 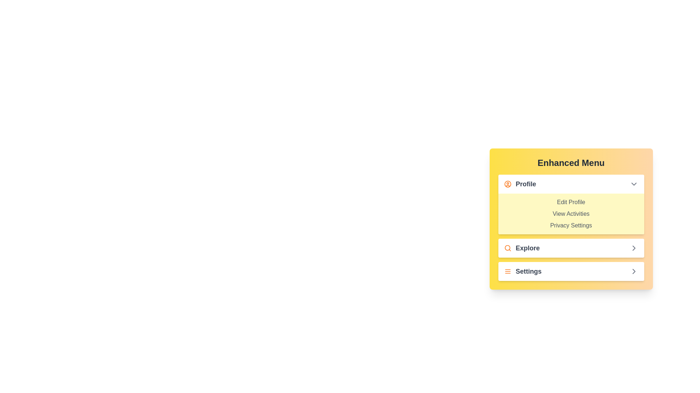 What do you see at coordinates (571, 183) in the screenshot?
I see `the 'Profile' dropdown toggle button located at the top of the menu` at bounding box center [571, 183].